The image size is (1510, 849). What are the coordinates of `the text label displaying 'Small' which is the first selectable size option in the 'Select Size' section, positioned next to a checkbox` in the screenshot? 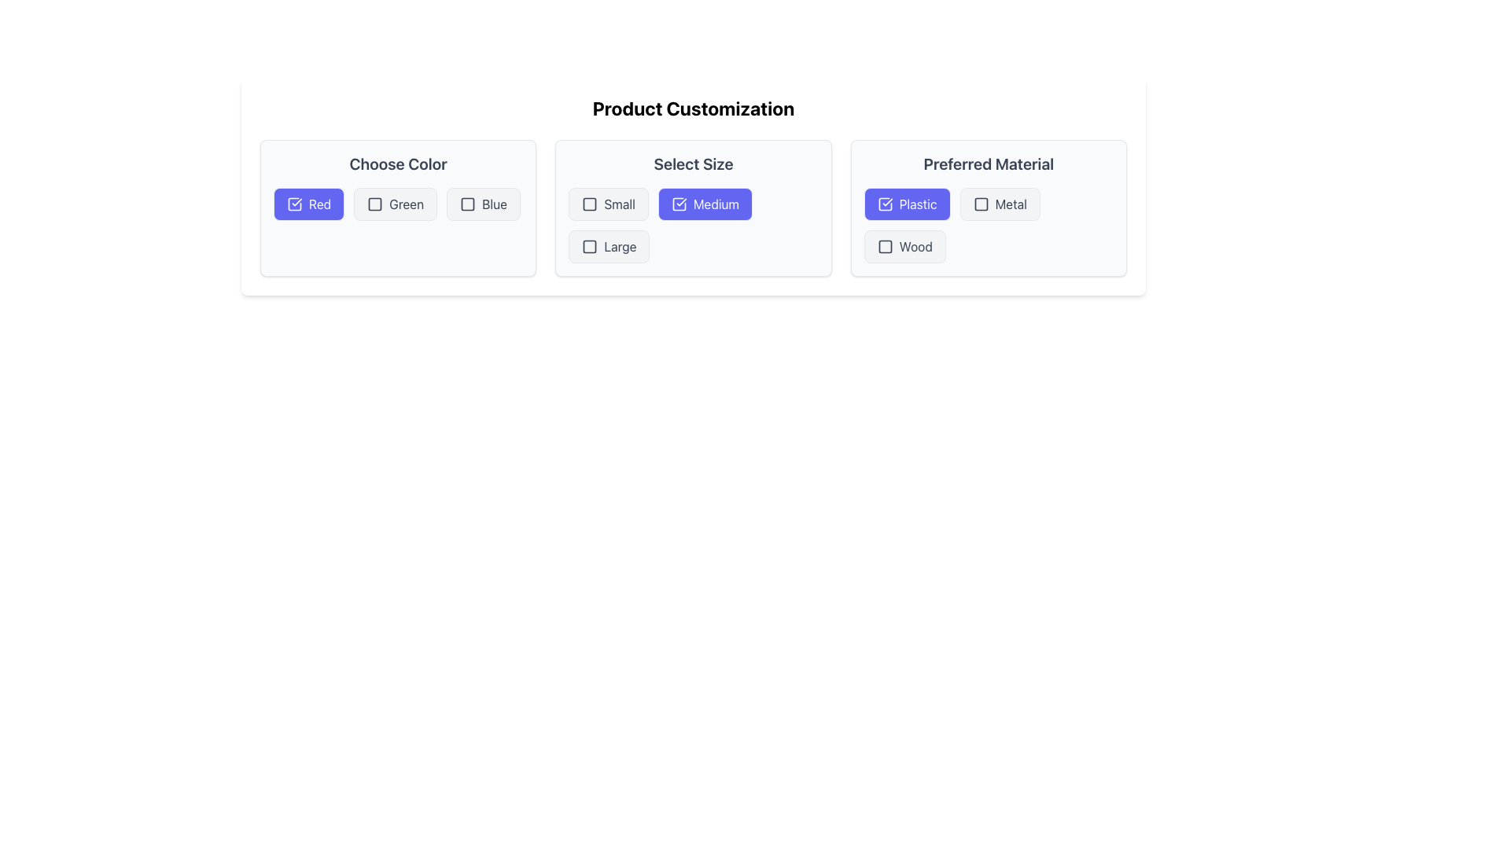 It's located at (619, 203).